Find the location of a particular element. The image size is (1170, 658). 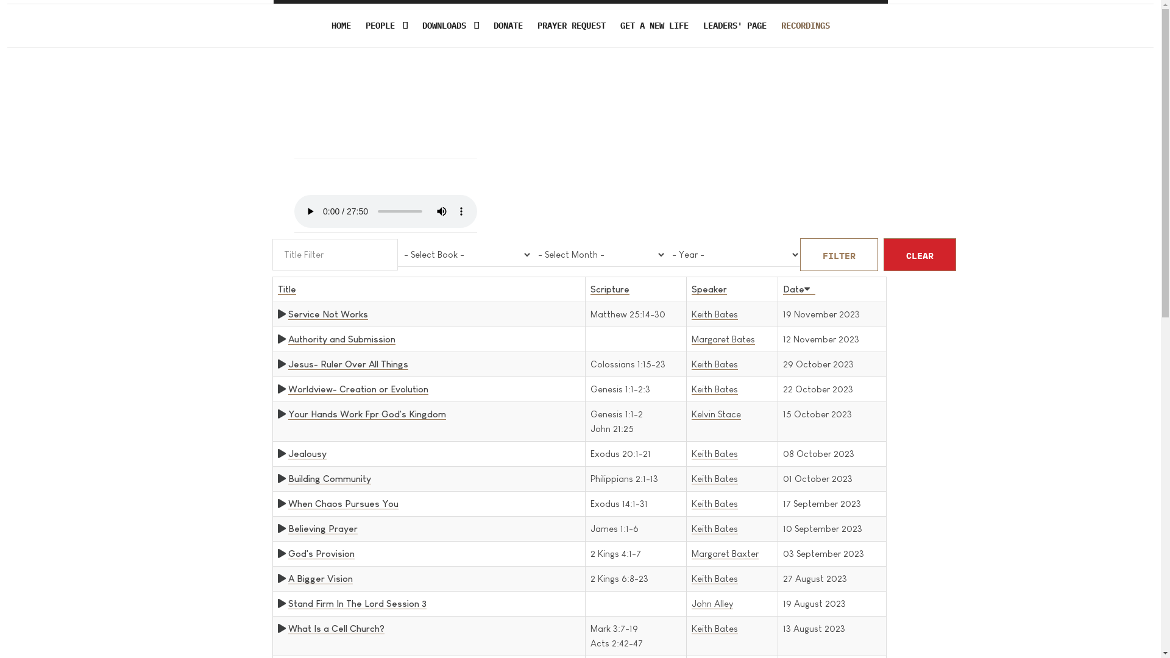

'Margaret Bates' is located at coordinates (723, 339).